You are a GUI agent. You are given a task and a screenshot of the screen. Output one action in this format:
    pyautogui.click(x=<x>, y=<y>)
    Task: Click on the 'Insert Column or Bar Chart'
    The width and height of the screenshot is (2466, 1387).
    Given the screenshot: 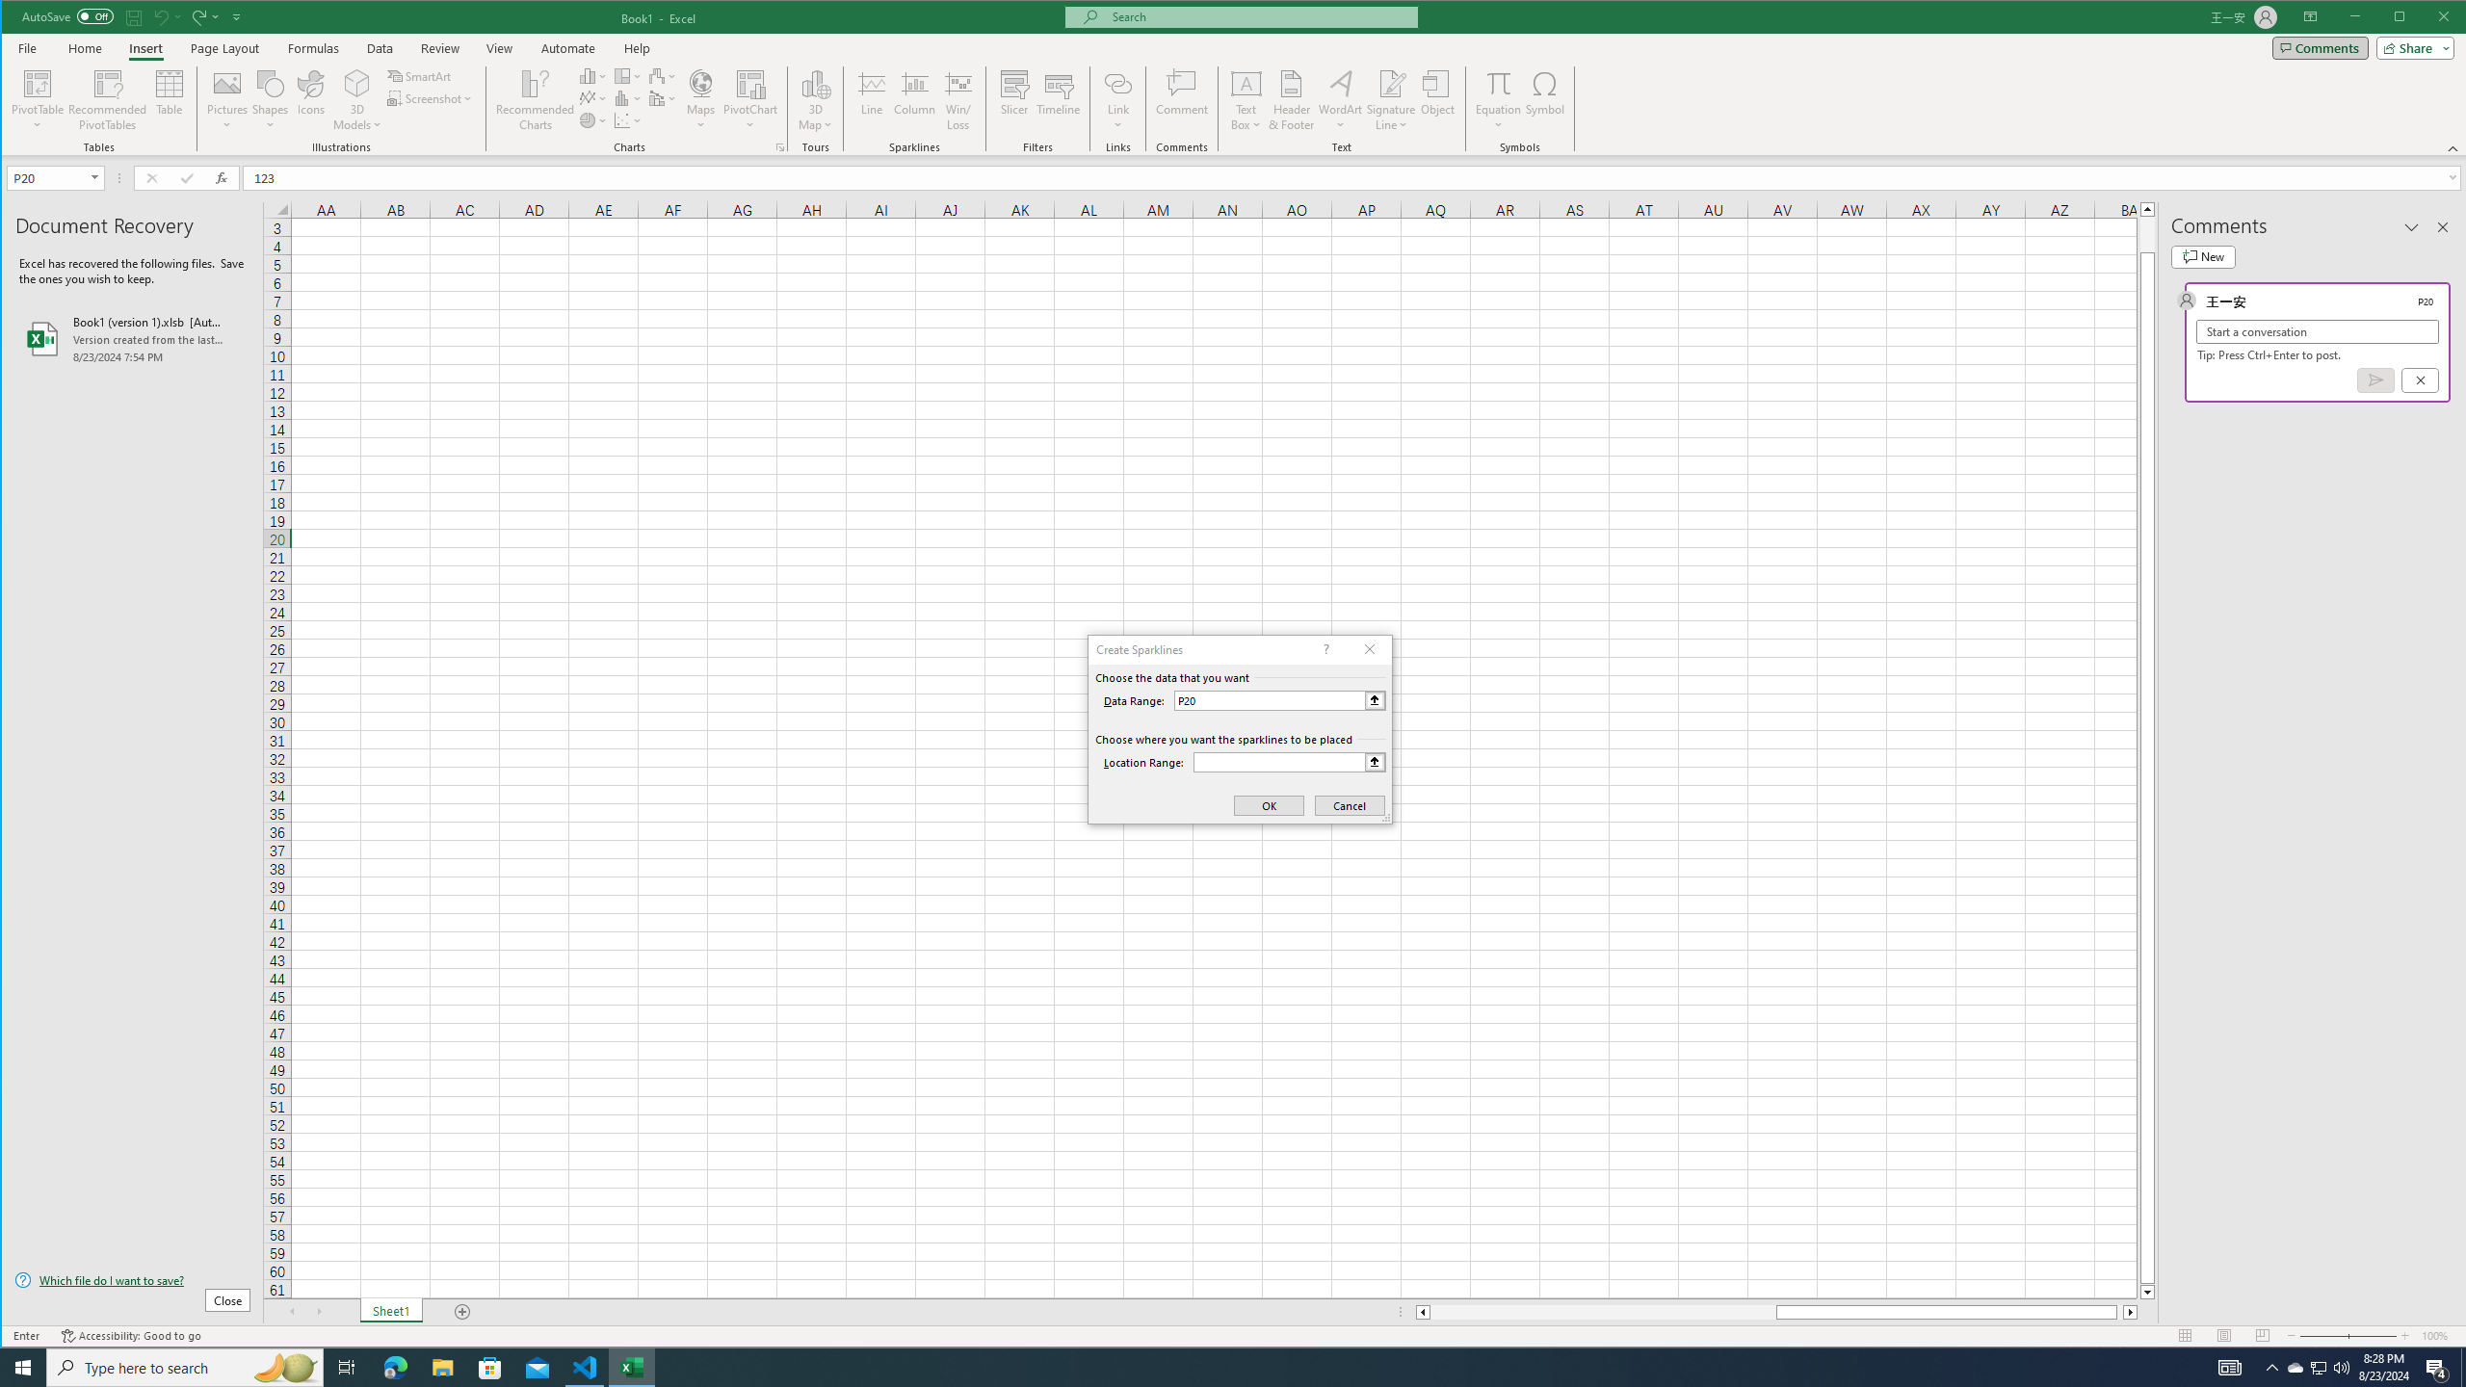 What is the action you would take?
    pyautogui.click(x=592, y=75)
    